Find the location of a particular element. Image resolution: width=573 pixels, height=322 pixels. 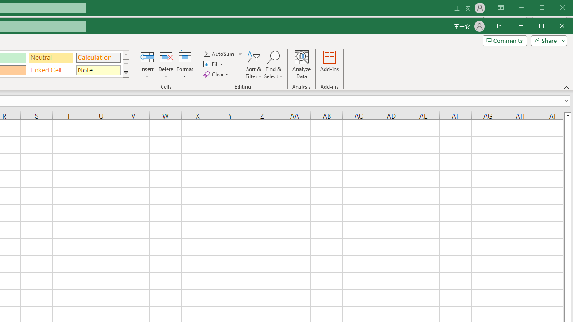

'Comments' is located at coordinates (505, 41).